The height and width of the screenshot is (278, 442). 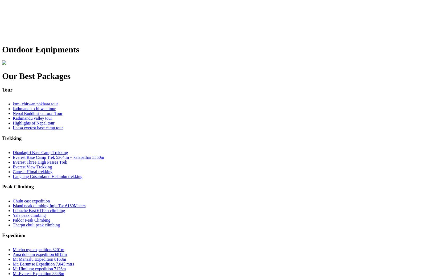 I want to click on 'Mt.cho oyu expedition  8201m', so click(x=38, y=249).